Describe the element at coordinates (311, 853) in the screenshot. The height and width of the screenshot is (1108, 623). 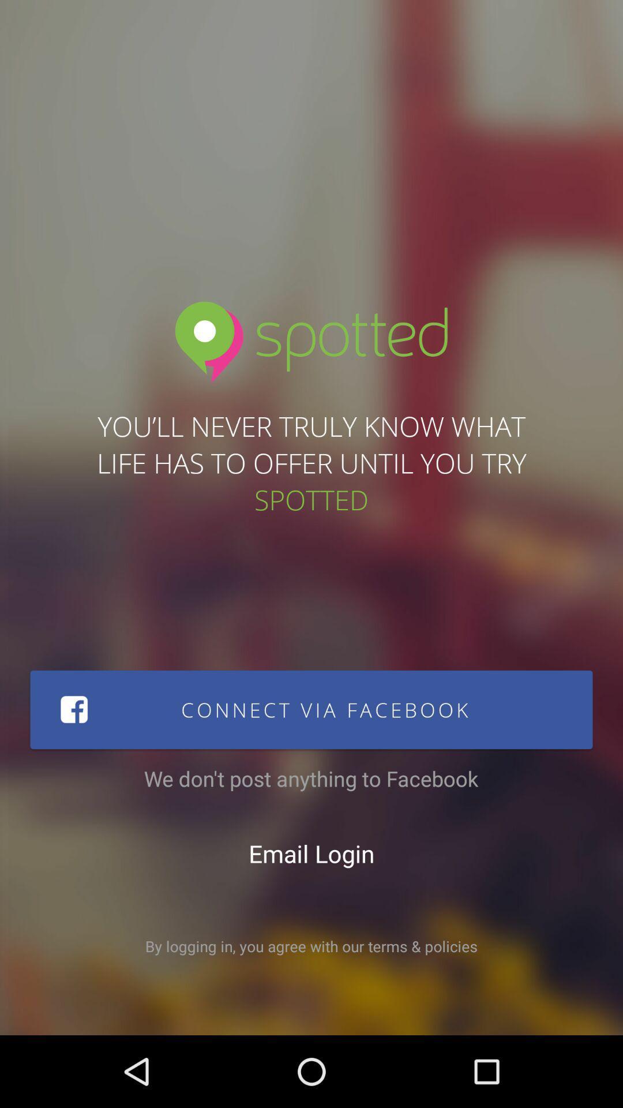
I see `item below the we don t` at that location.